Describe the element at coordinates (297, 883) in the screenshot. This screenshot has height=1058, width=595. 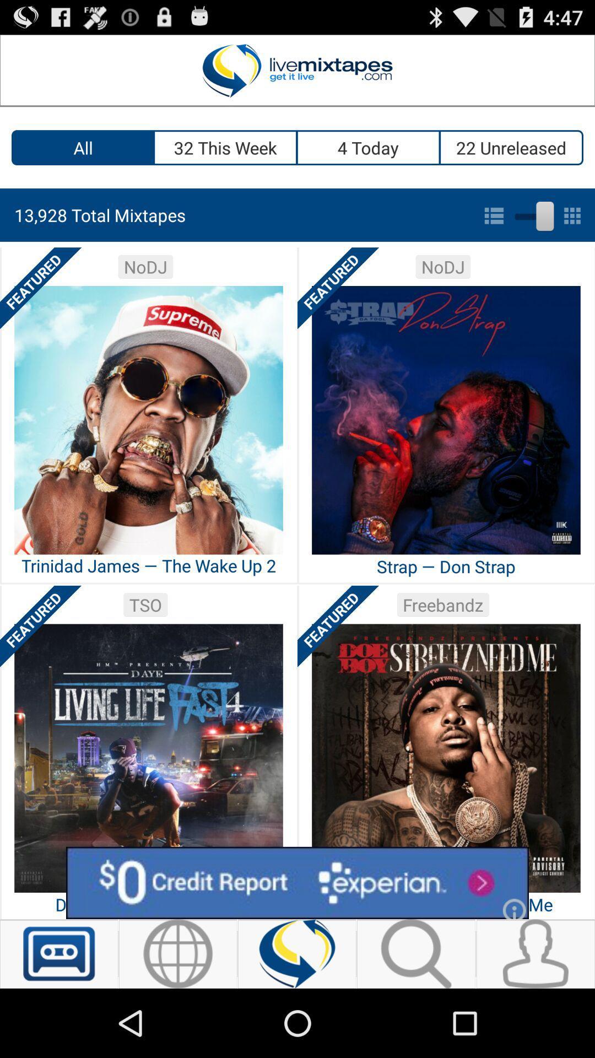
I see `the icon below featured item` at that location.